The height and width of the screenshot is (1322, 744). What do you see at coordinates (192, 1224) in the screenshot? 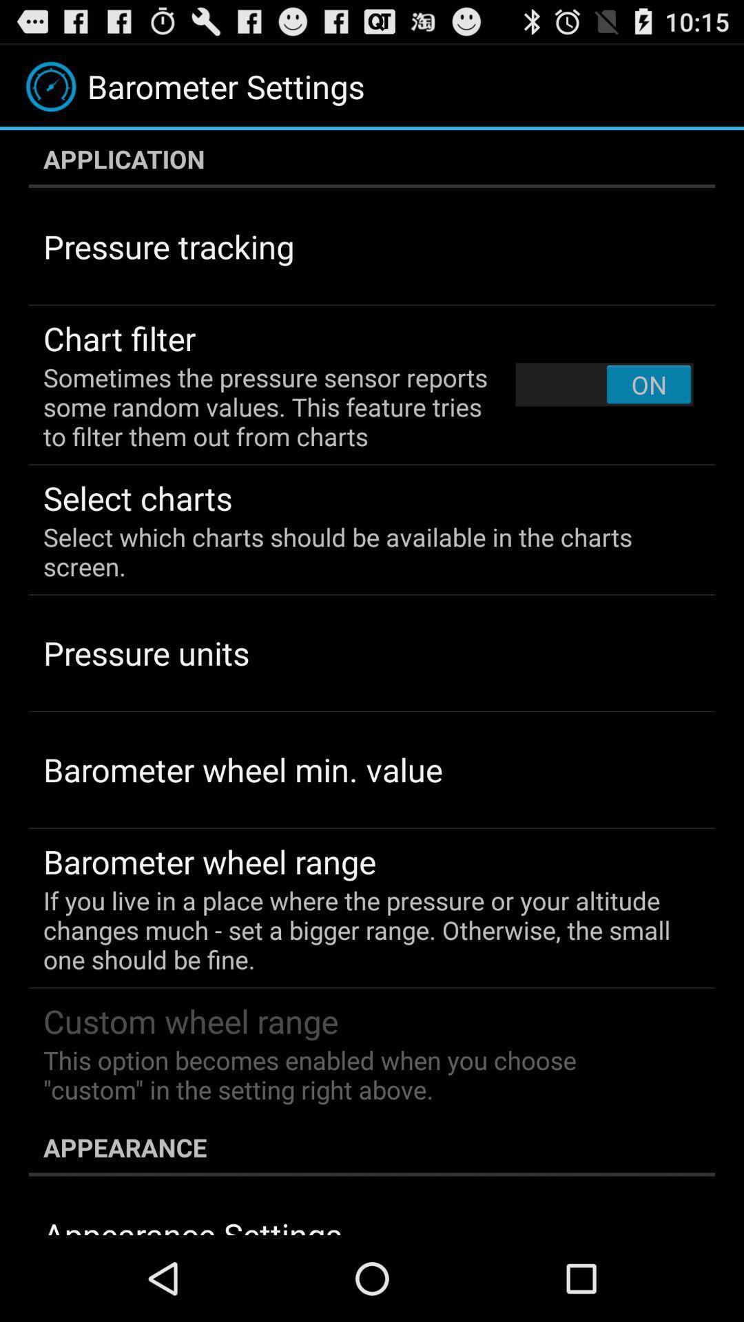
I see `appearance settings item` at bounding box center [192, 1224].